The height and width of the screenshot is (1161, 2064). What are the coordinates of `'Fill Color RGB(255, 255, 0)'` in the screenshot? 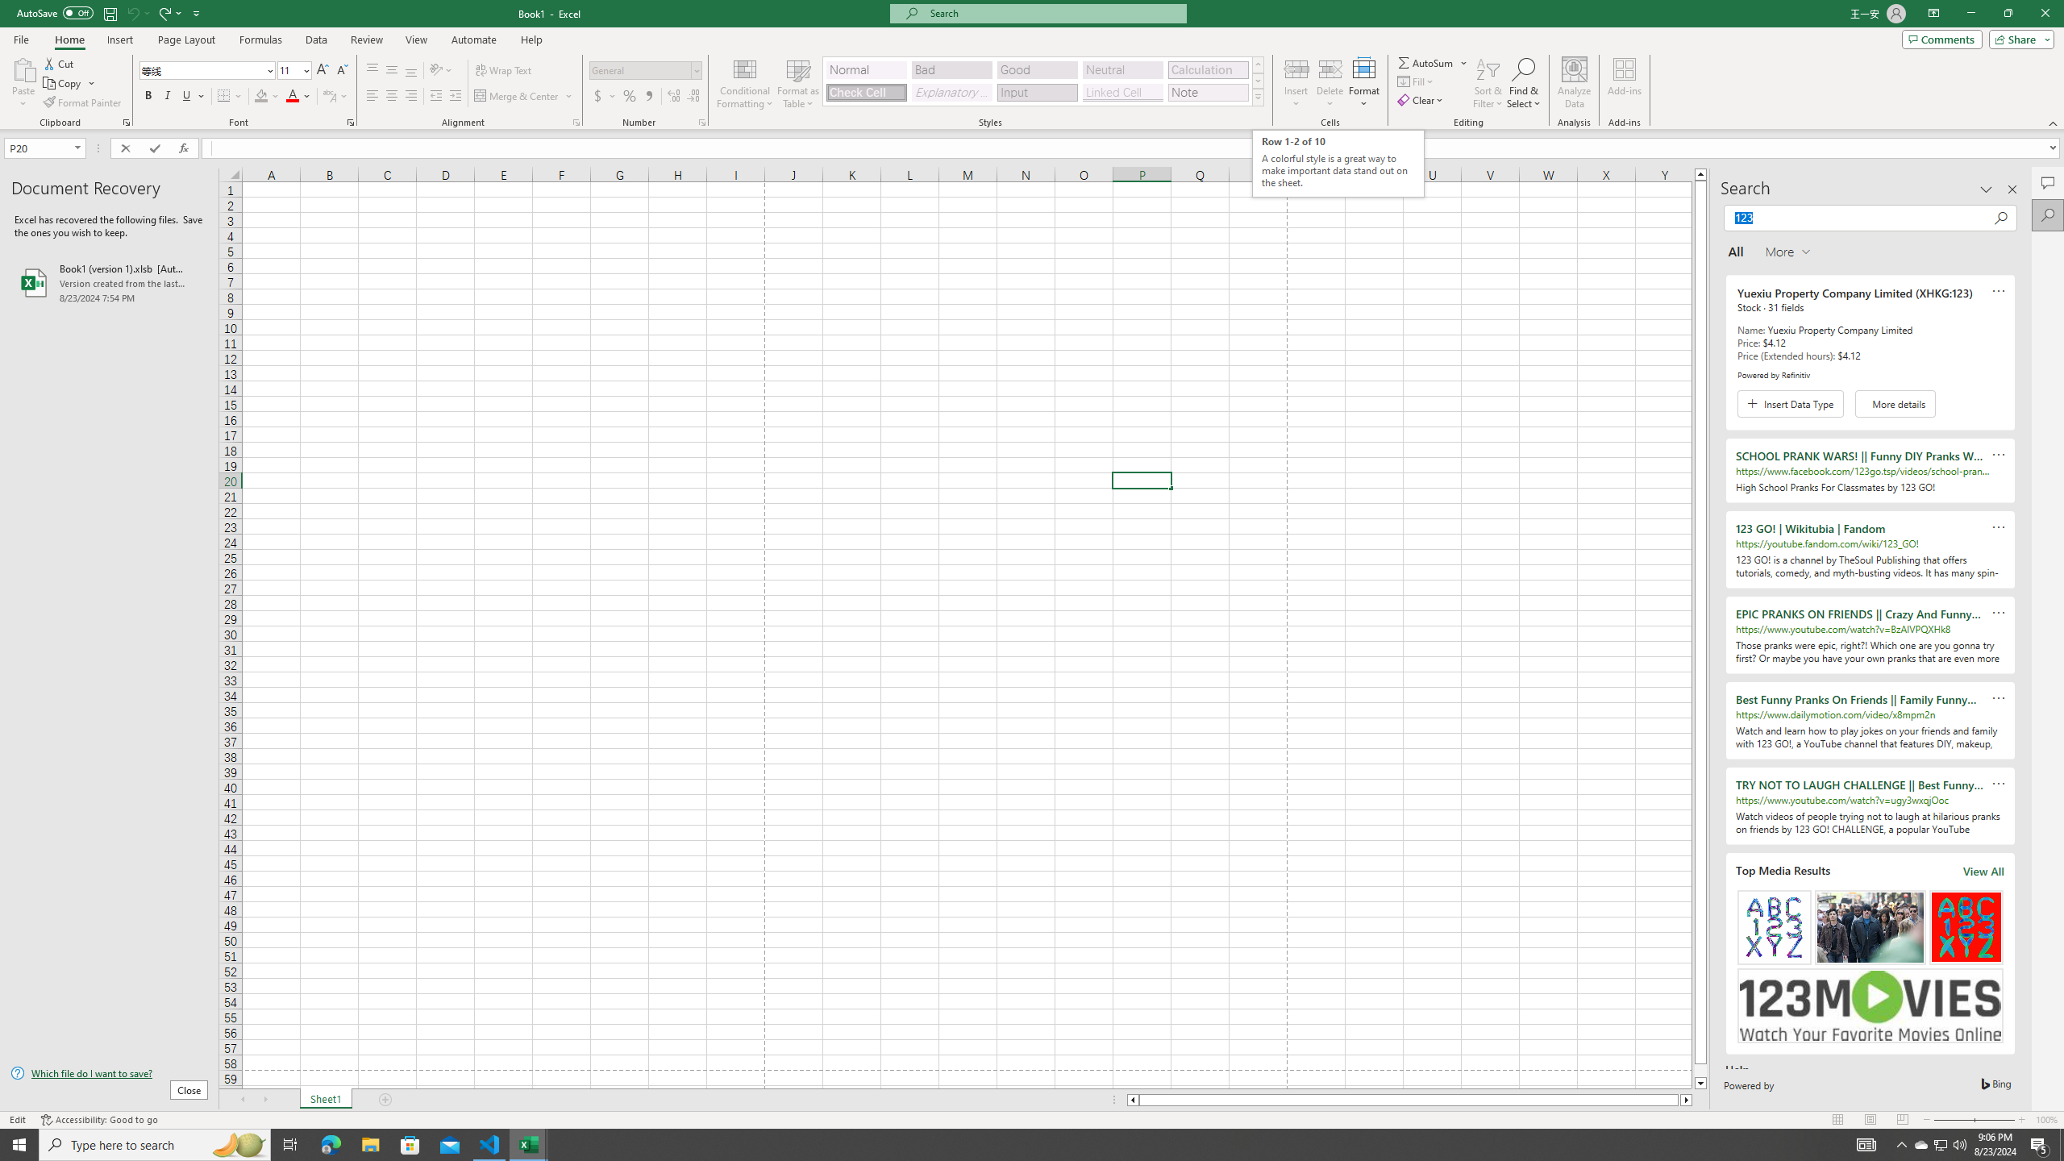 It's located at (260, 95).